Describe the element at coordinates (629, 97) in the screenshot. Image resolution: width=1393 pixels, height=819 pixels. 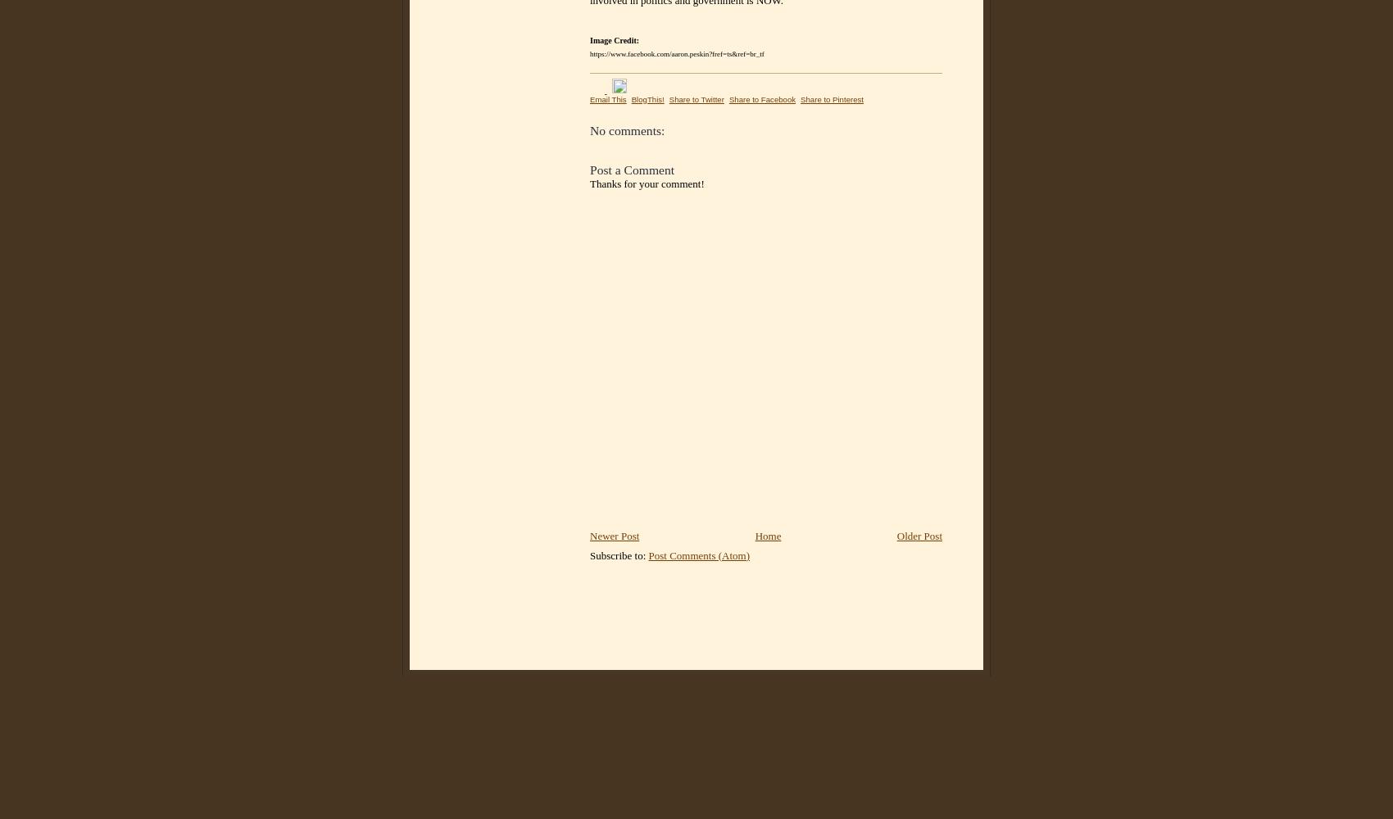
I see `'BlogThis!'` at that location.